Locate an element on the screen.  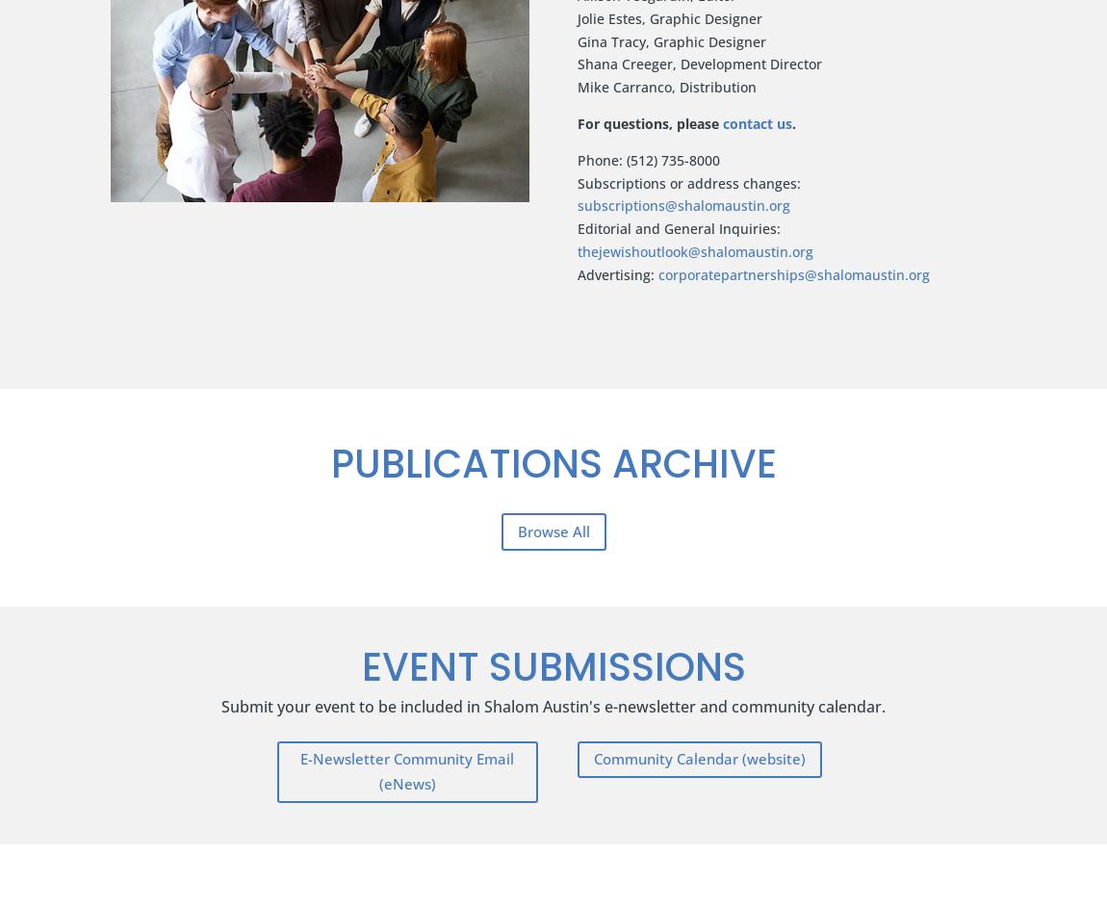
'Browse All' is located at coordinates (553, 529).